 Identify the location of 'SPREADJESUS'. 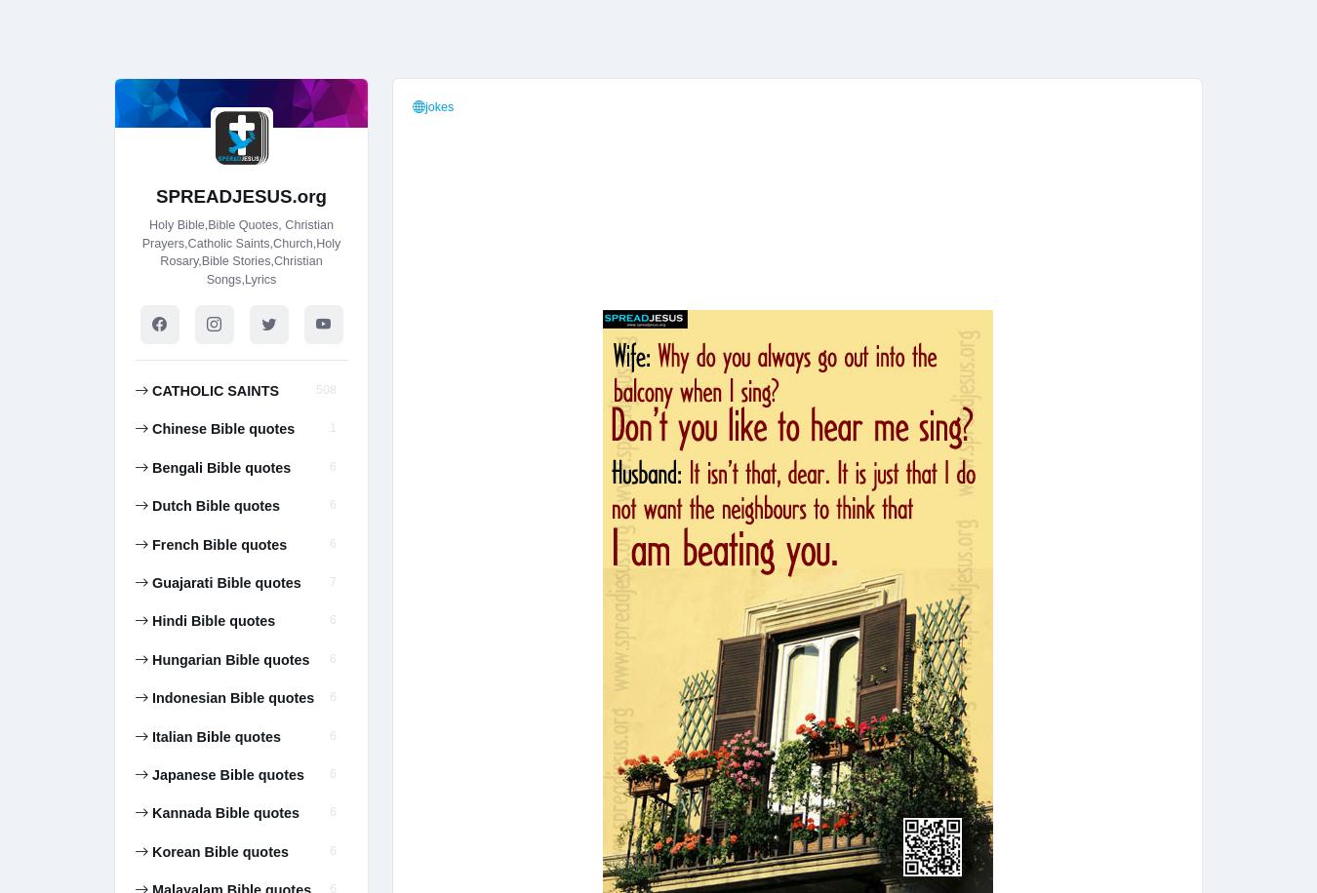
(240, 344).